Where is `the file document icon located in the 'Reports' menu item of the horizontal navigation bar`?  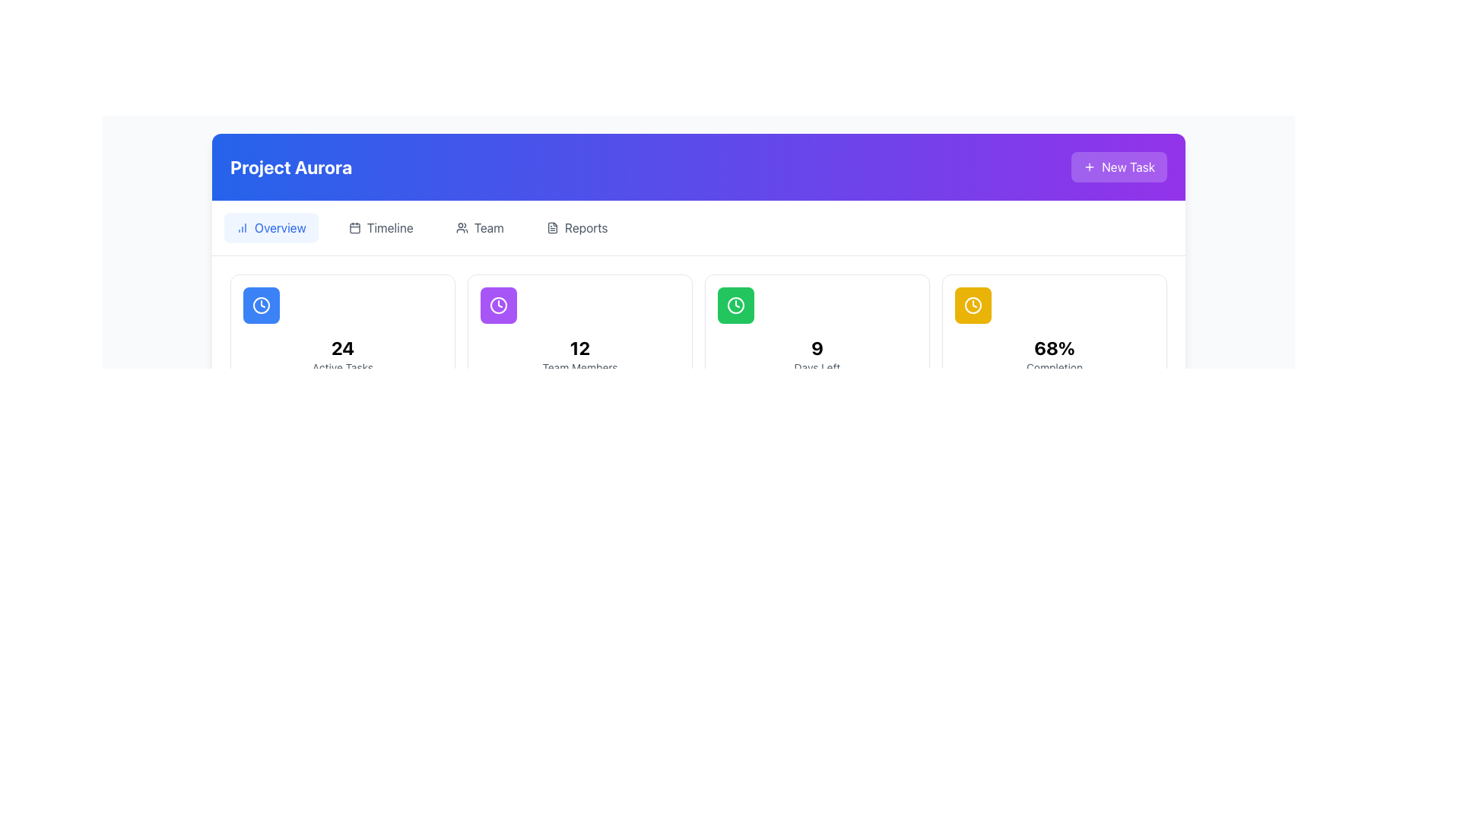
the file document icon located in the 'Reports' menu item of the horizontal navigation bar is located at coordinates (551, 228).